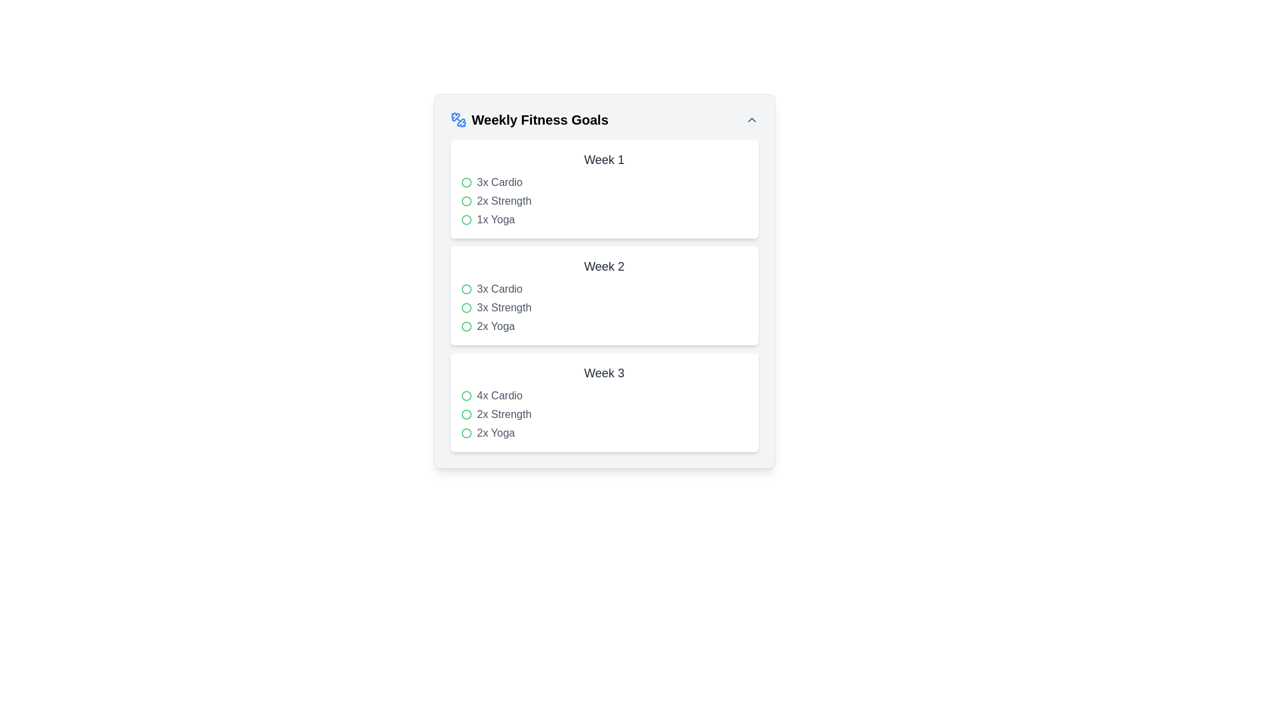 The width and height of the screenshot is (1280, 720). What do you see at coordinates (466, 201) in the screenshot?
I see `the circular indicator for the '2x Strength' activity under 'Week 1', which is the second circle in the vertical list` at bounding box center [466, 201].